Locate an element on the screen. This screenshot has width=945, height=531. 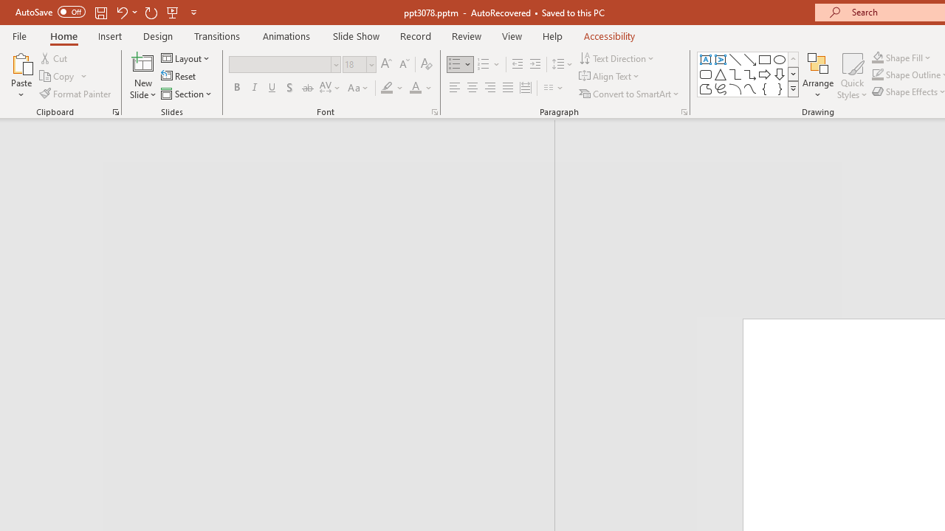
'Align Right' is located at coordinates (489, 88).